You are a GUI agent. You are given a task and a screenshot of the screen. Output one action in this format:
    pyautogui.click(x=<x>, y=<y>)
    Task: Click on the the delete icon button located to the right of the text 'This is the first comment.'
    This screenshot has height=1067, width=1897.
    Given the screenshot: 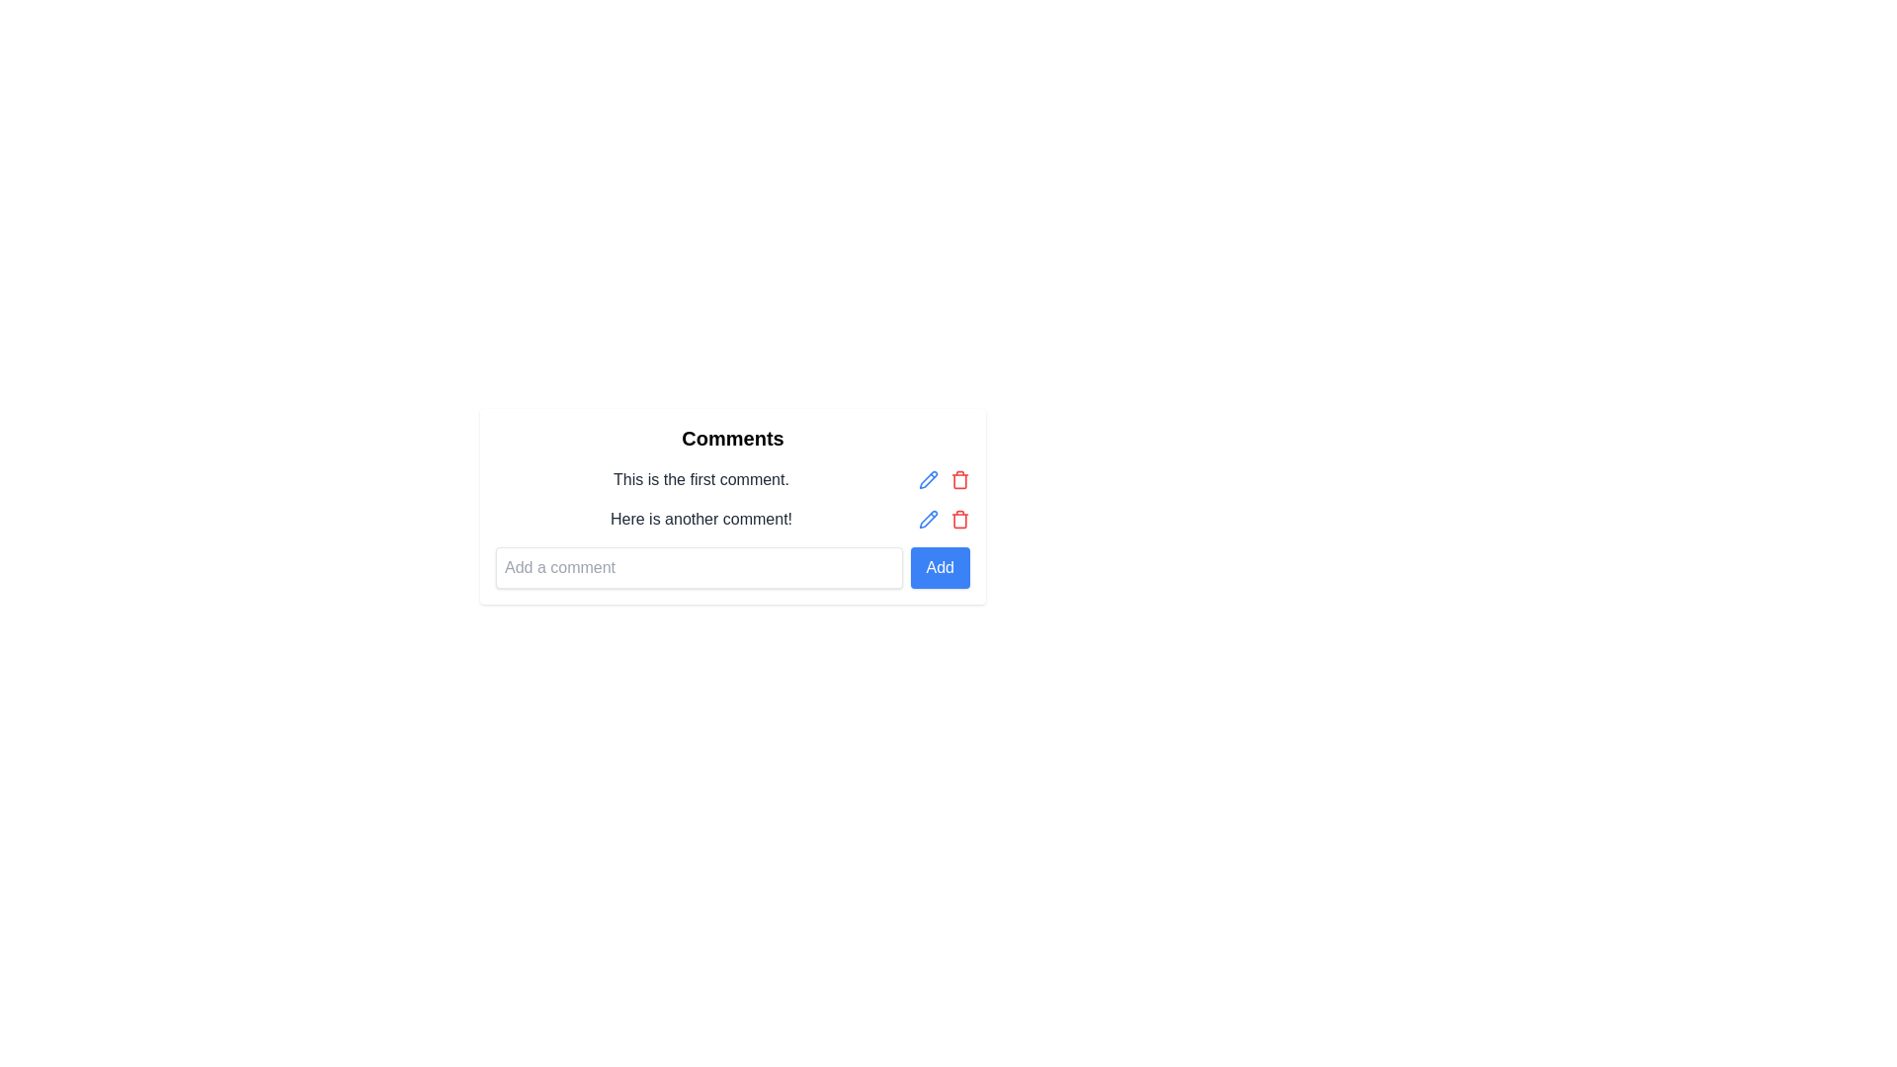 What is the action you would take?
    pyautogui.click(x=959, y=480)
    